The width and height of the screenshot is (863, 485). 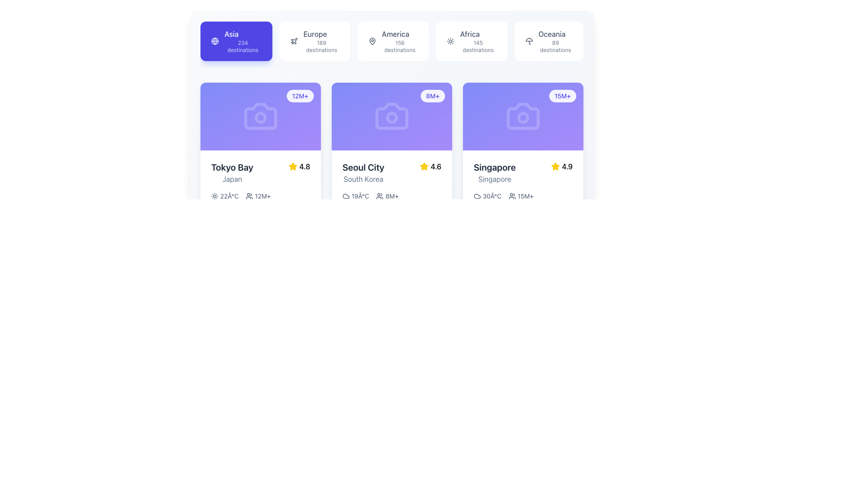 What do you see at coordinates (345, 195) in the screenshot?
I see `the weather indicator icon representing a cloudy condition located beside the temperature text '19°C' for Seoul City, South Korea, if it is interactive` at bounding box center [345, 195].